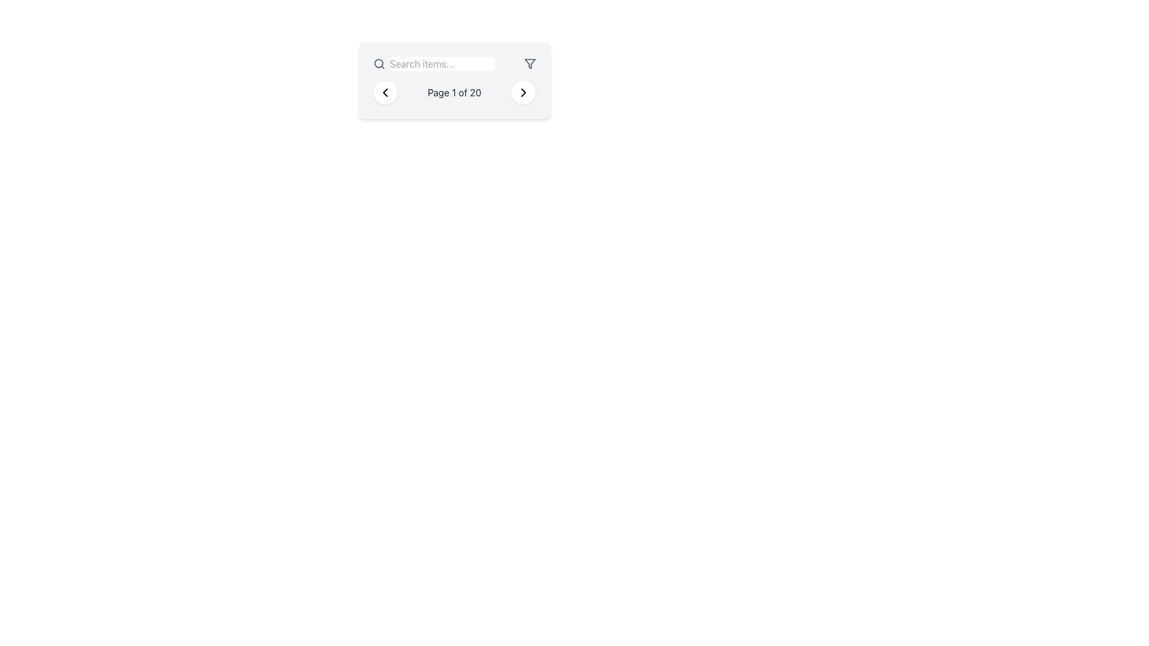  What do you see at coordinates (378, 64) in the screenshot?
I see `the search icon located at the top-left area of the search bar to activate potential hover effects` at bounding box center [378, 64].